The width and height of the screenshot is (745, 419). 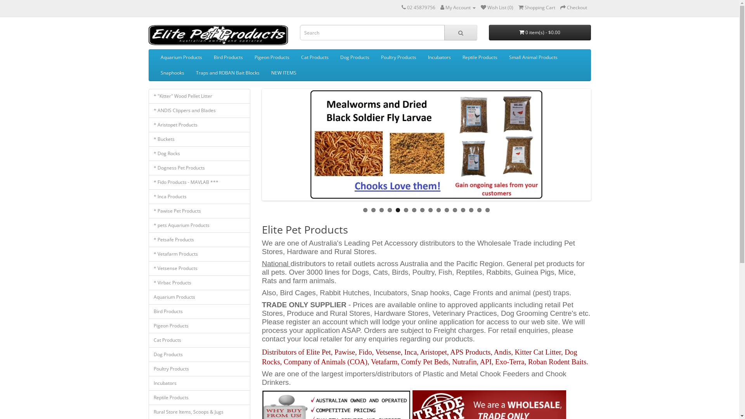 What do you see at coordinates (497, 7) in the screenshot?
I see `'Wish List (0)'` at bounding box center [497, 7].